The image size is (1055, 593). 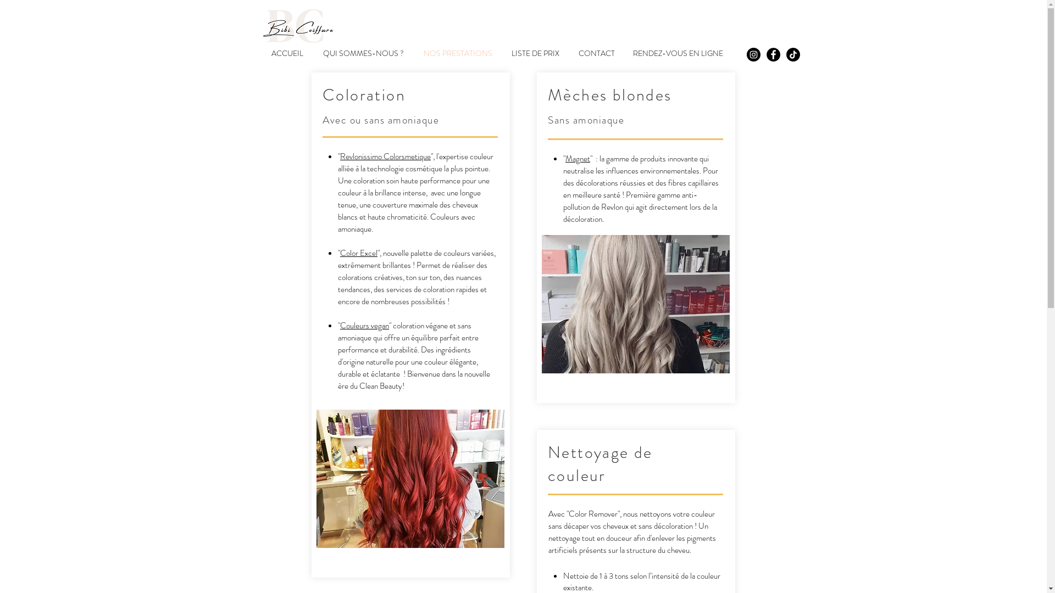 What do you see at coordinates (677, 53) in the screenshot?
I see `'RENDEZ-VOUS EN LIGNE'` at bounding box center [677, 53].